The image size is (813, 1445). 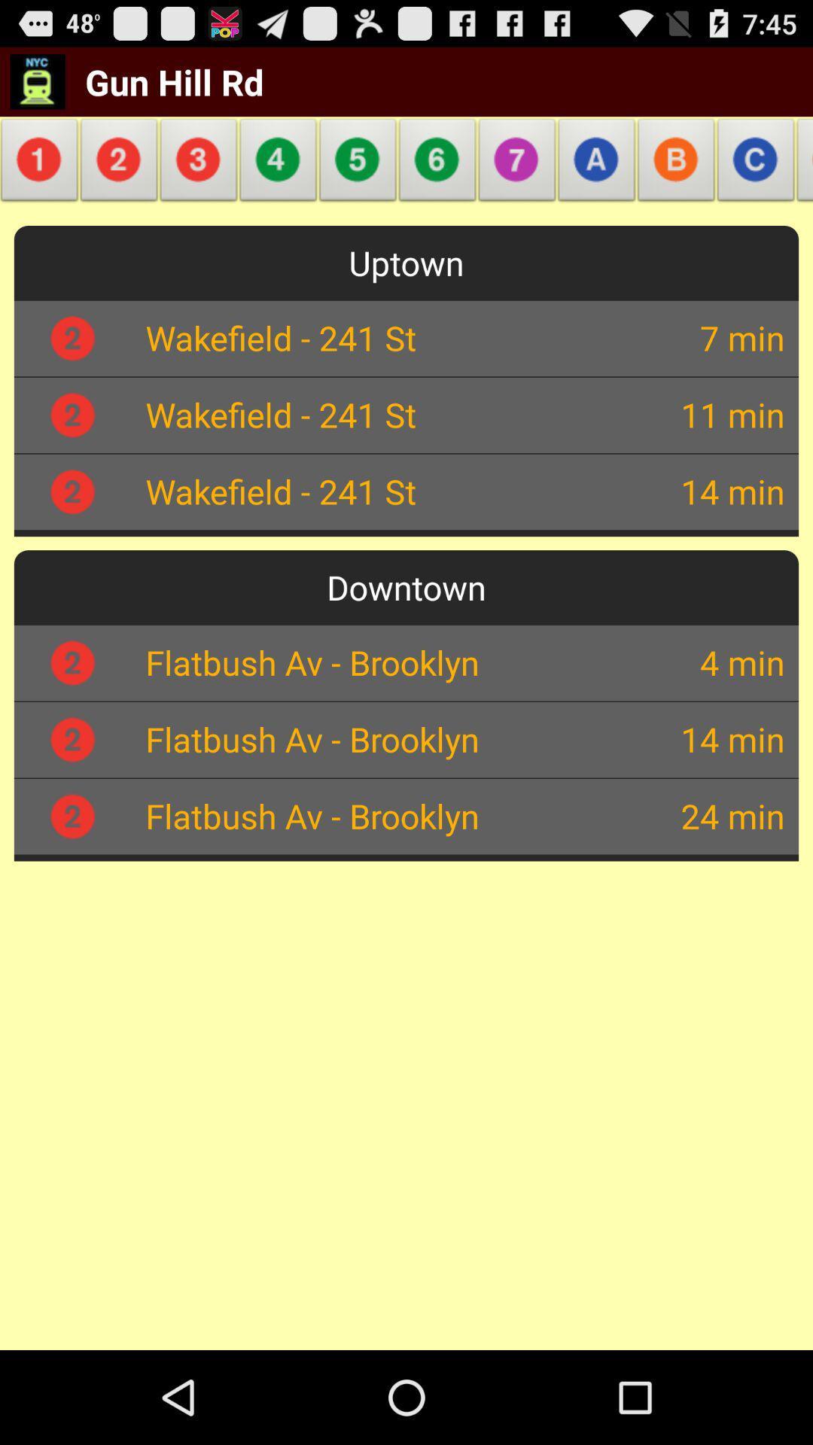 I want to click on the item below gun hill rd, so click(x=41, y=164).